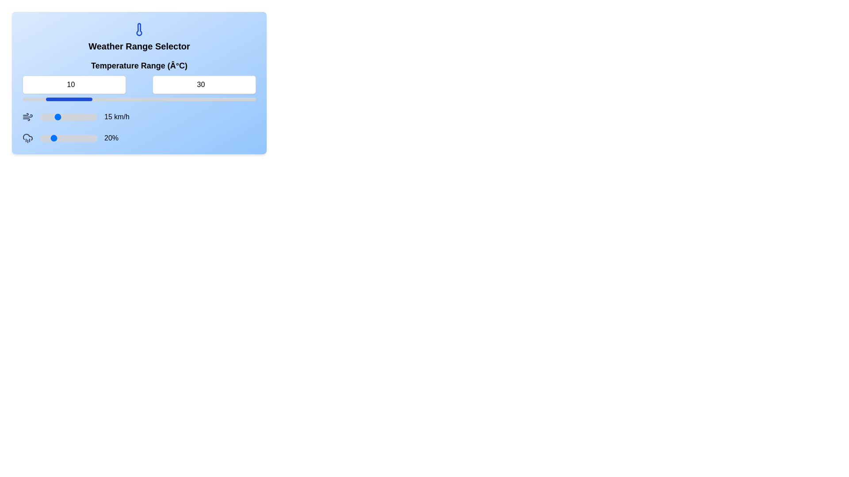  Describe the element at coordinates (139, 138) in the screenshot. I see `the label displaying '20%' which is positioned adjacent to the rain percentage slider and beneath the 'Temperature Range (°C)' heading` at that location.